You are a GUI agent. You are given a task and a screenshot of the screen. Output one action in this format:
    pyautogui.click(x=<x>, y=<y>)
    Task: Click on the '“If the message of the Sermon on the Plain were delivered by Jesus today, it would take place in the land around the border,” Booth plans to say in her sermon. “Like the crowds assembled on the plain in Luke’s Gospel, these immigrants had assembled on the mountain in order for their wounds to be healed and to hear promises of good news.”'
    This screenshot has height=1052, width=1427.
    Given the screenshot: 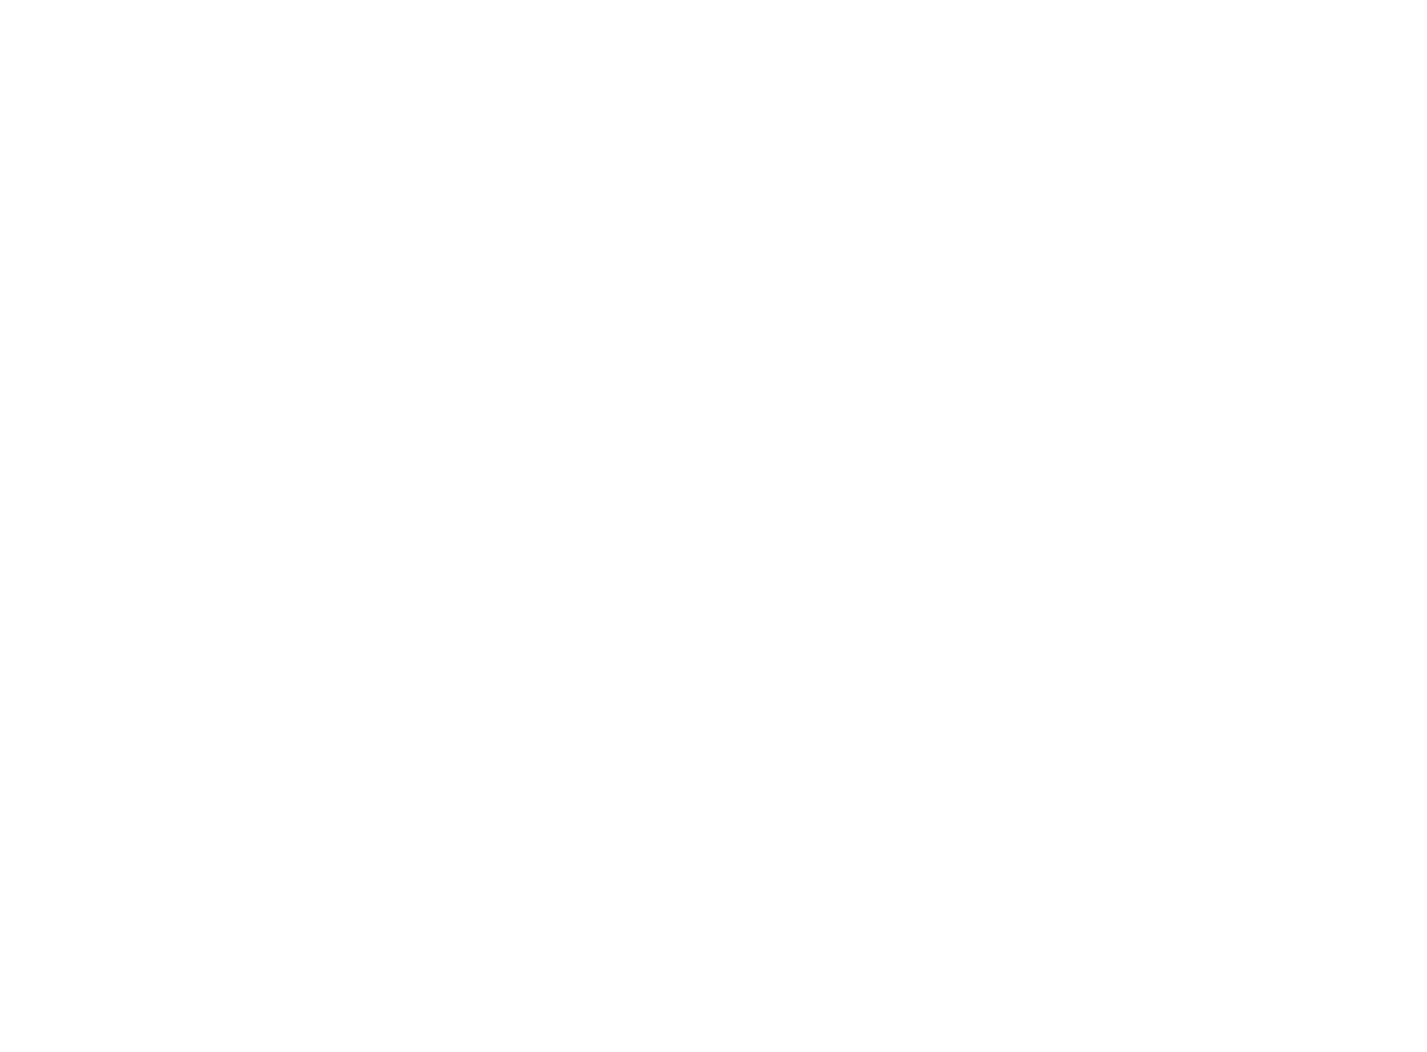 What is the action you would take?
    pyautogui.click(x=707, y=324)
    